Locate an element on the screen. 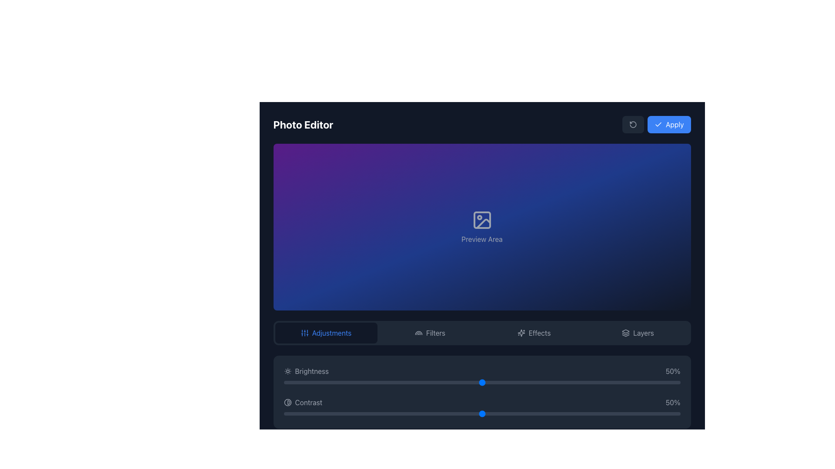 The image size is (835, 469). the 'Filters' text label in the navigation bar is located at coordinates (436, 333).